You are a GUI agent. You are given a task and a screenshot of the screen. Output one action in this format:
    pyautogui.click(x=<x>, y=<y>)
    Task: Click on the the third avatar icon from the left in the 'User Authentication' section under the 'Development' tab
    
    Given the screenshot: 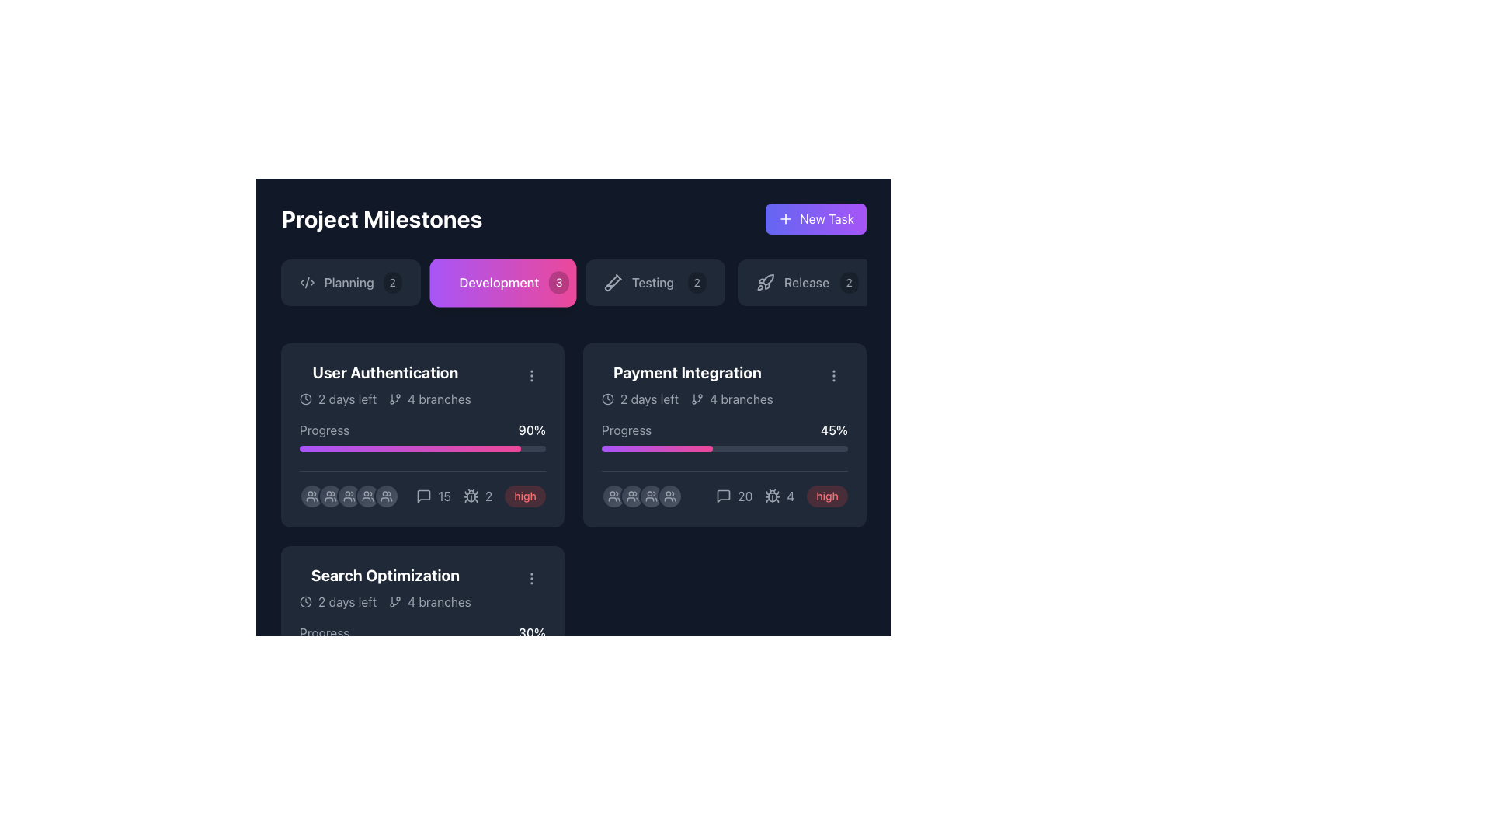 What is the action you would take?
    pyautogui.click(x=349, y=496)
    